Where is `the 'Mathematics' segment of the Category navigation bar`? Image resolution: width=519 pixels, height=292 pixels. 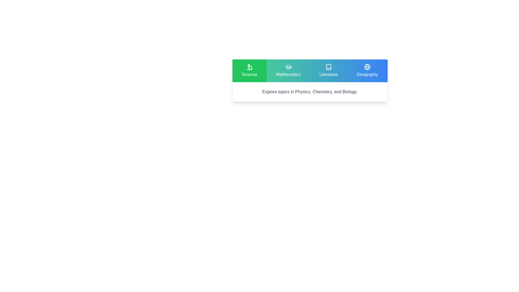 the 'Mathematics' segment of the Category navigation bar is located at coordinates (310, 71).